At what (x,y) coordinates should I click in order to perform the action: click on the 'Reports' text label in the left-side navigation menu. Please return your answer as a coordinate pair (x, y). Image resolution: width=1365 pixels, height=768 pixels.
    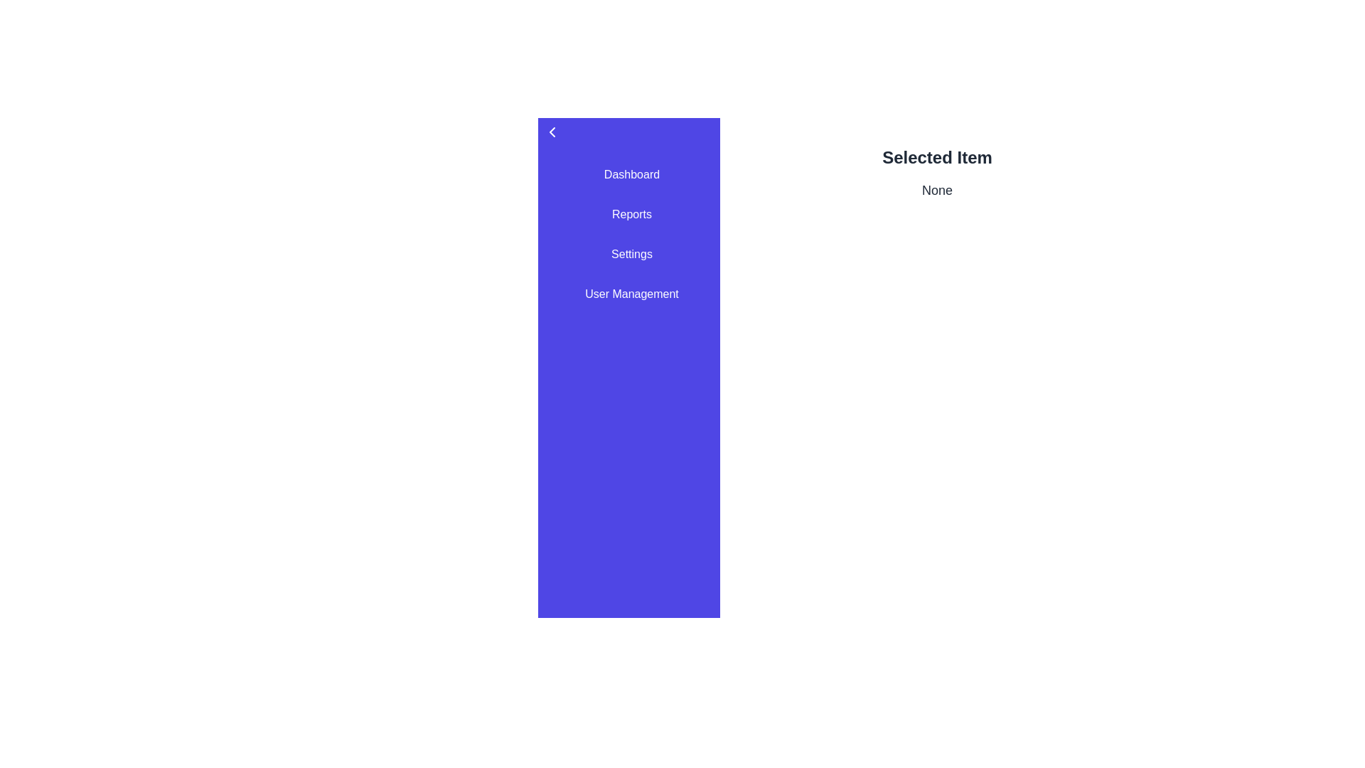
    Looking at the image, I should click on (631, 214).